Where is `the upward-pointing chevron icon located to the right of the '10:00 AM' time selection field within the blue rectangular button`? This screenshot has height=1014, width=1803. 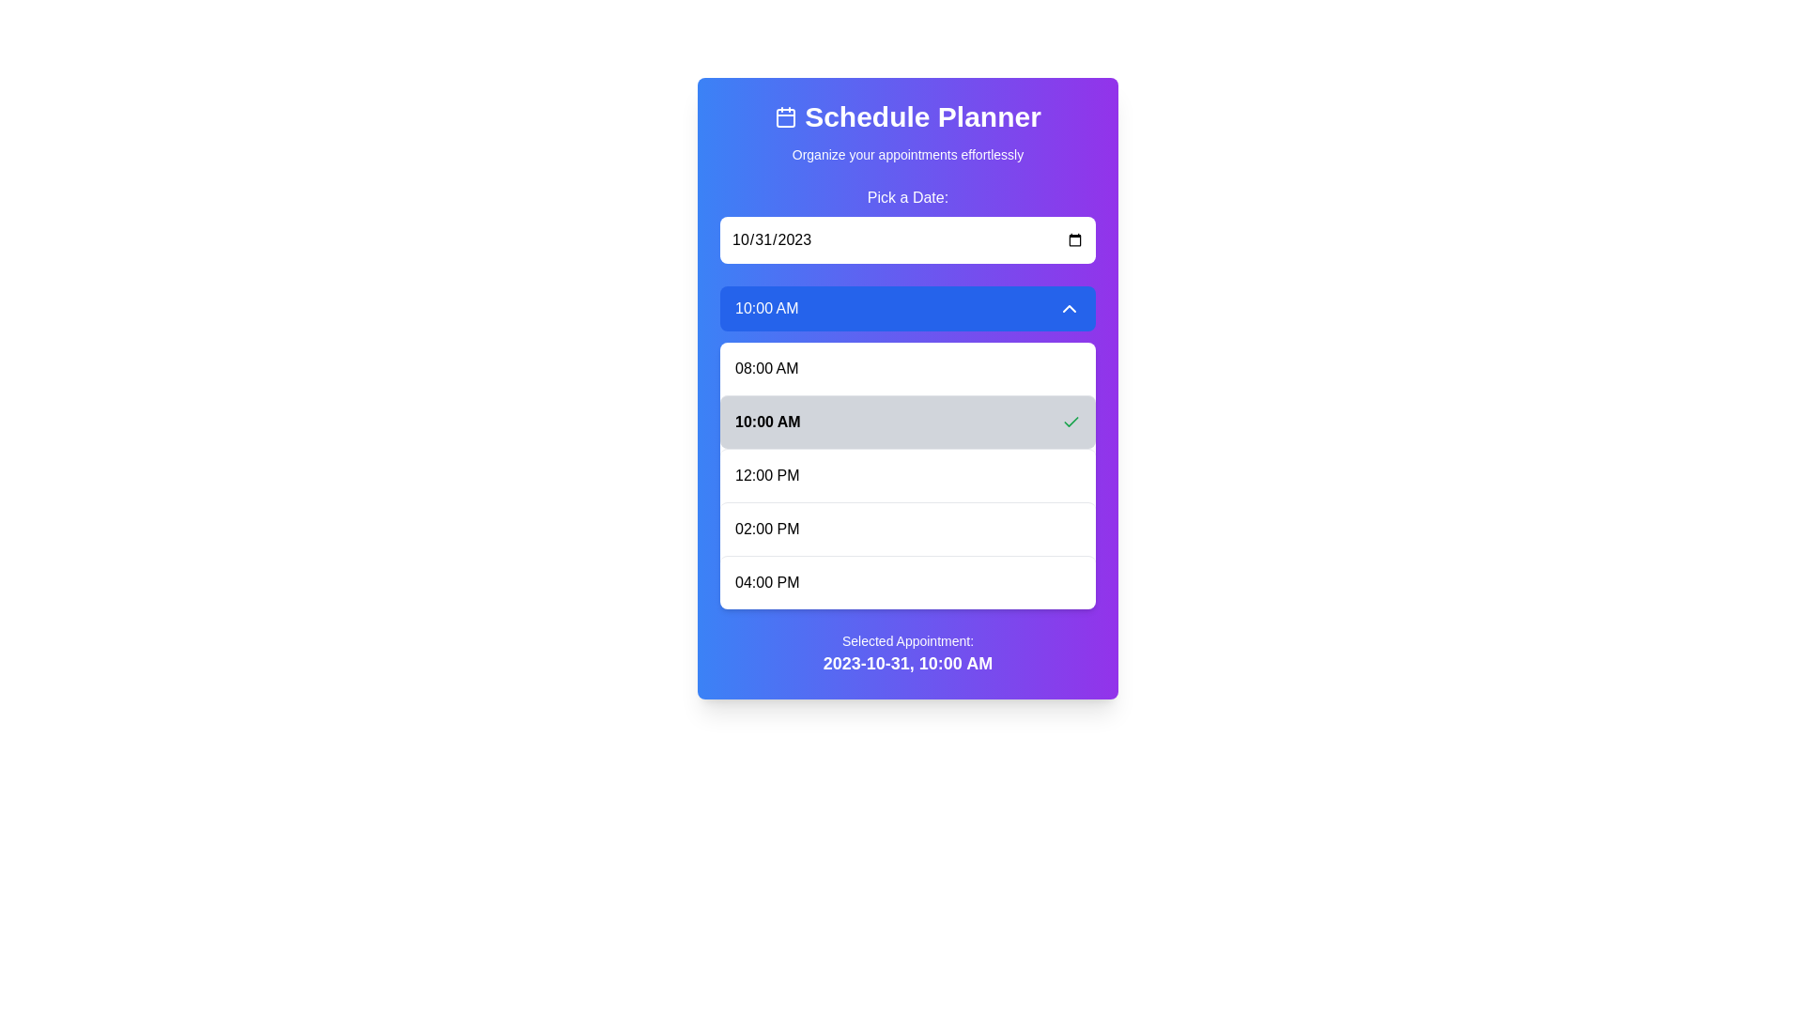
the upward-pointing chevron icon located to the right of the '10:00 AM' time selection field within the blue rectangular button is located at coordinates (1069, 307).